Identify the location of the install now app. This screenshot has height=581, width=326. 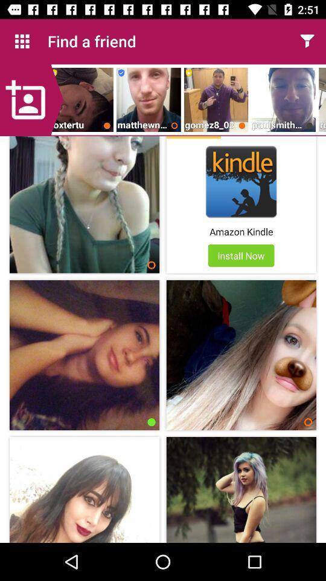
(241, 255).